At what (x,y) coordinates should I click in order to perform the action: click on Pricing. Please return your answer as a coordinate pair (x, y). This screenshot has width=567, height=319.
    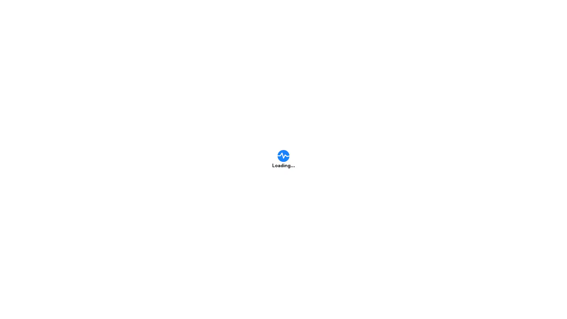
    Looking at the image, I should click on (328, 12).